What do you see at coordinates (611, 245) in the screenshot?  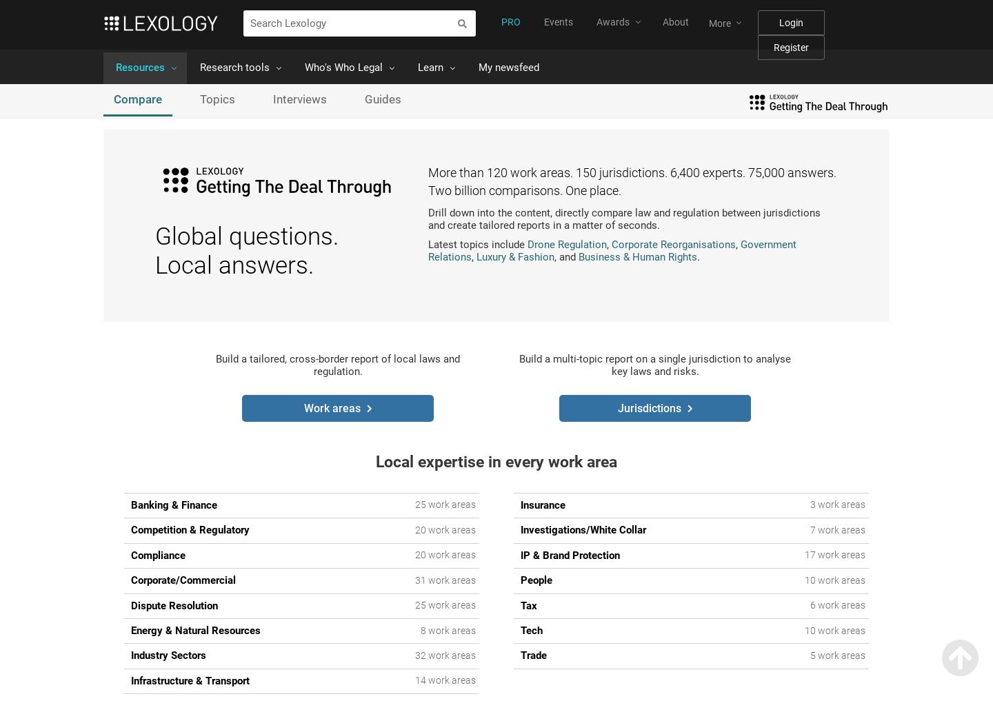 I see `'Corporate Reorganisations'` at bounding box center [611, 245].